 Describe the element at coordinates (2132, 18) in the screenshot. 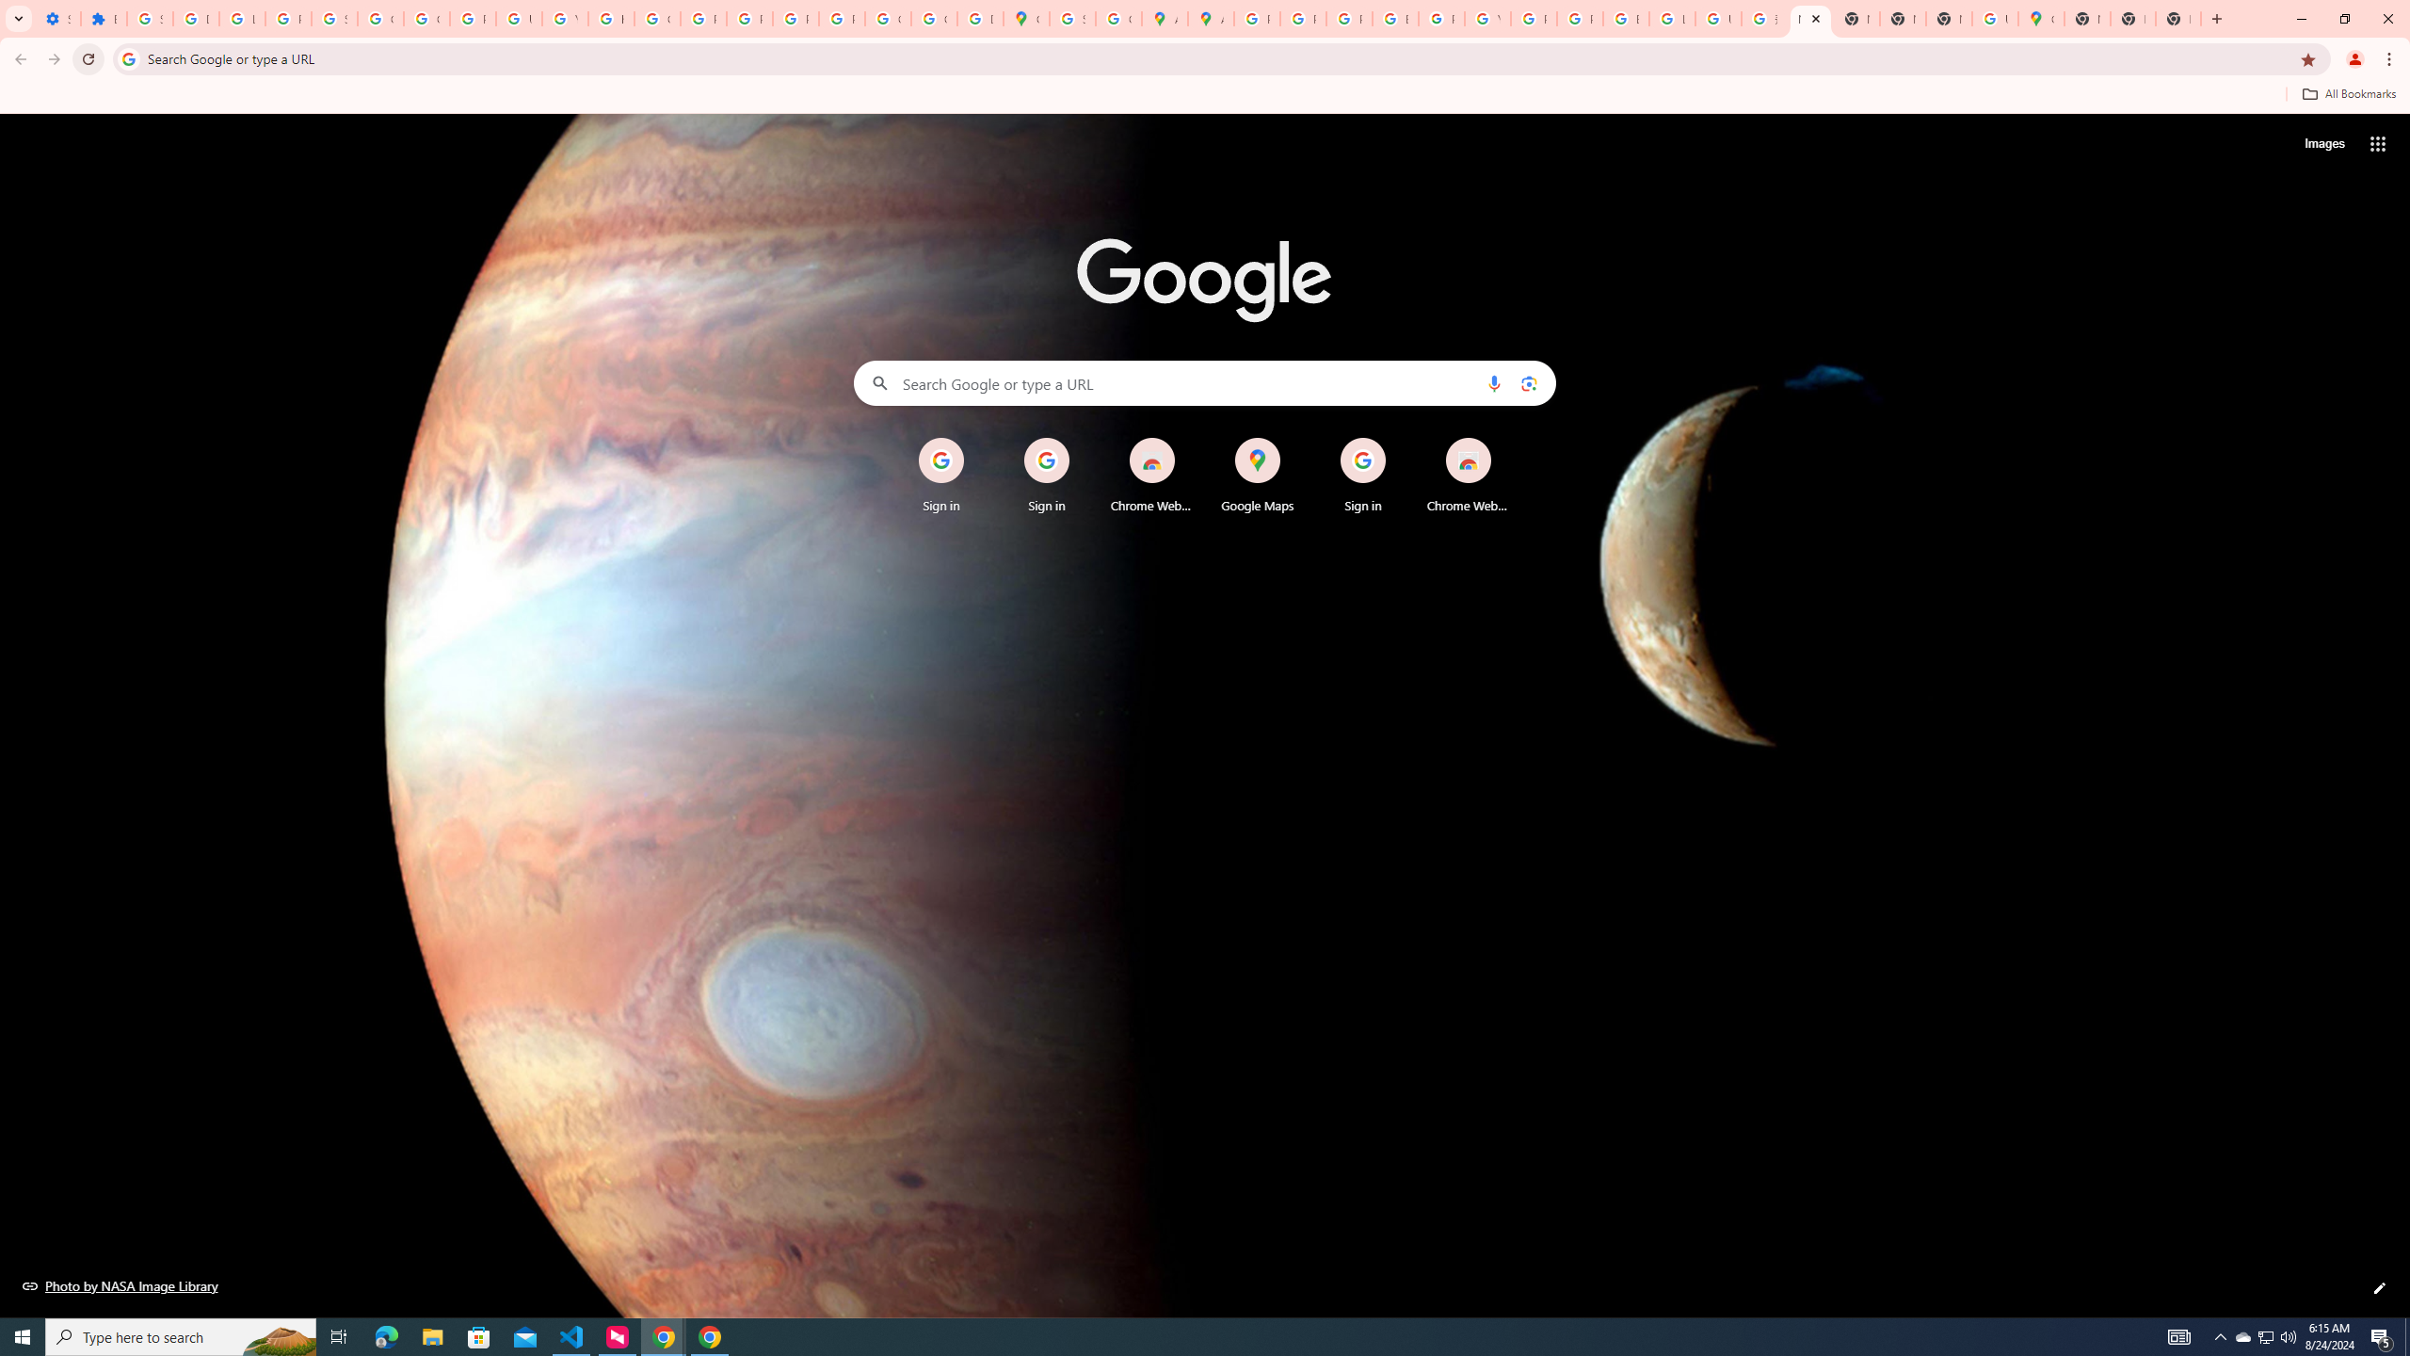

I see `'New Tab'` at that location.